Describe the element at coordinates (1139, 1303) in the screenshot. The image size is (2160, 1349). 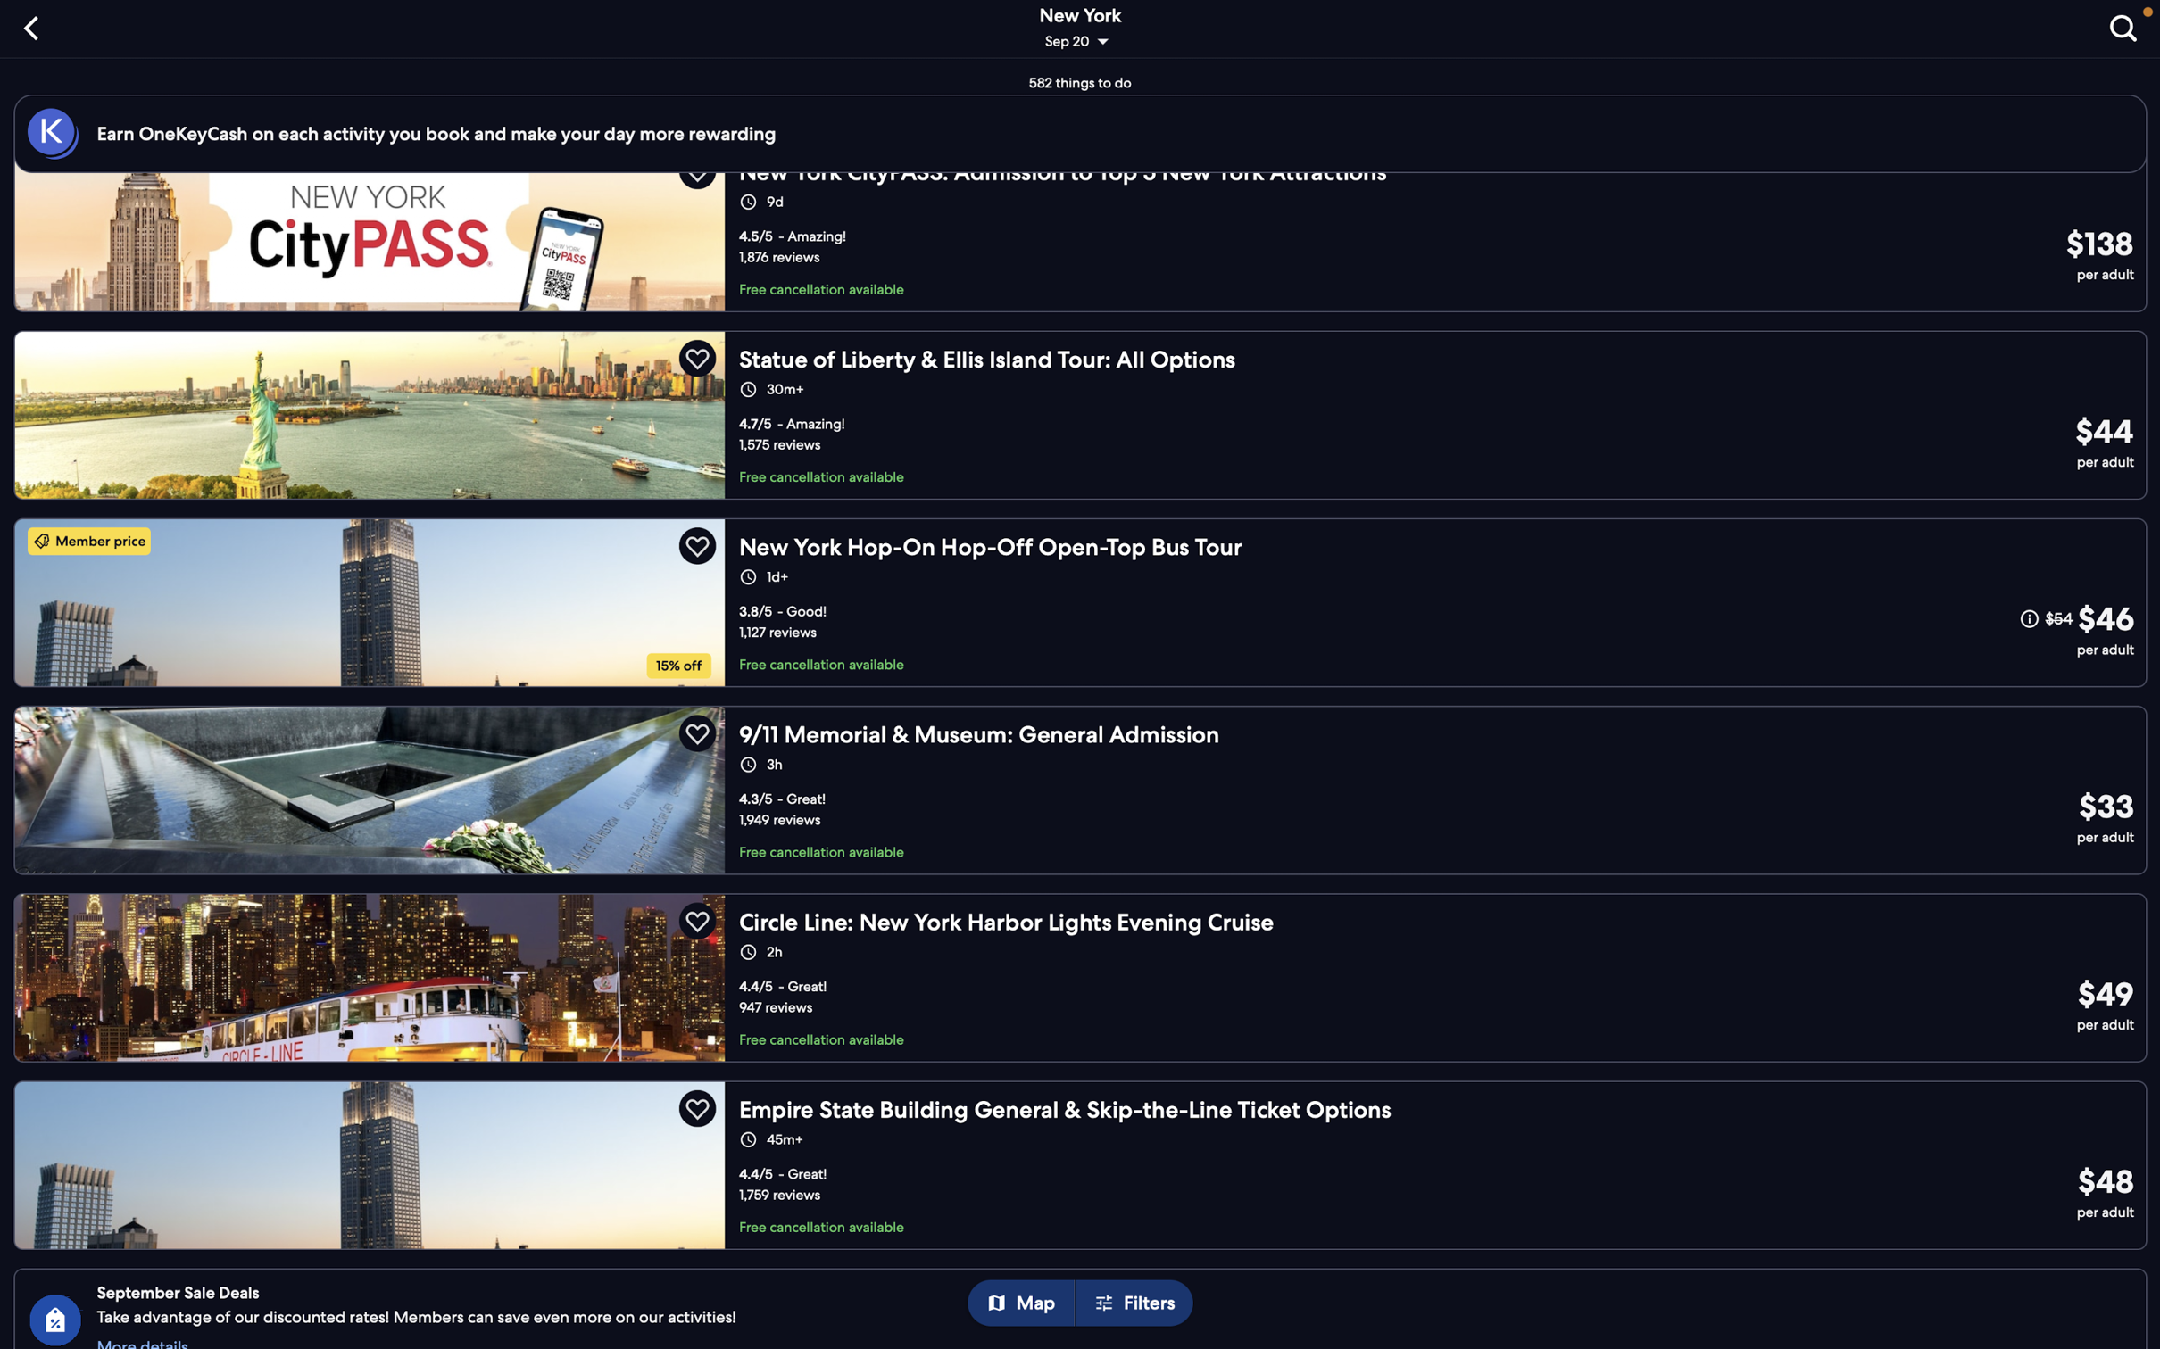
I see `"filters" to fine-tune your search outcome` at that location.